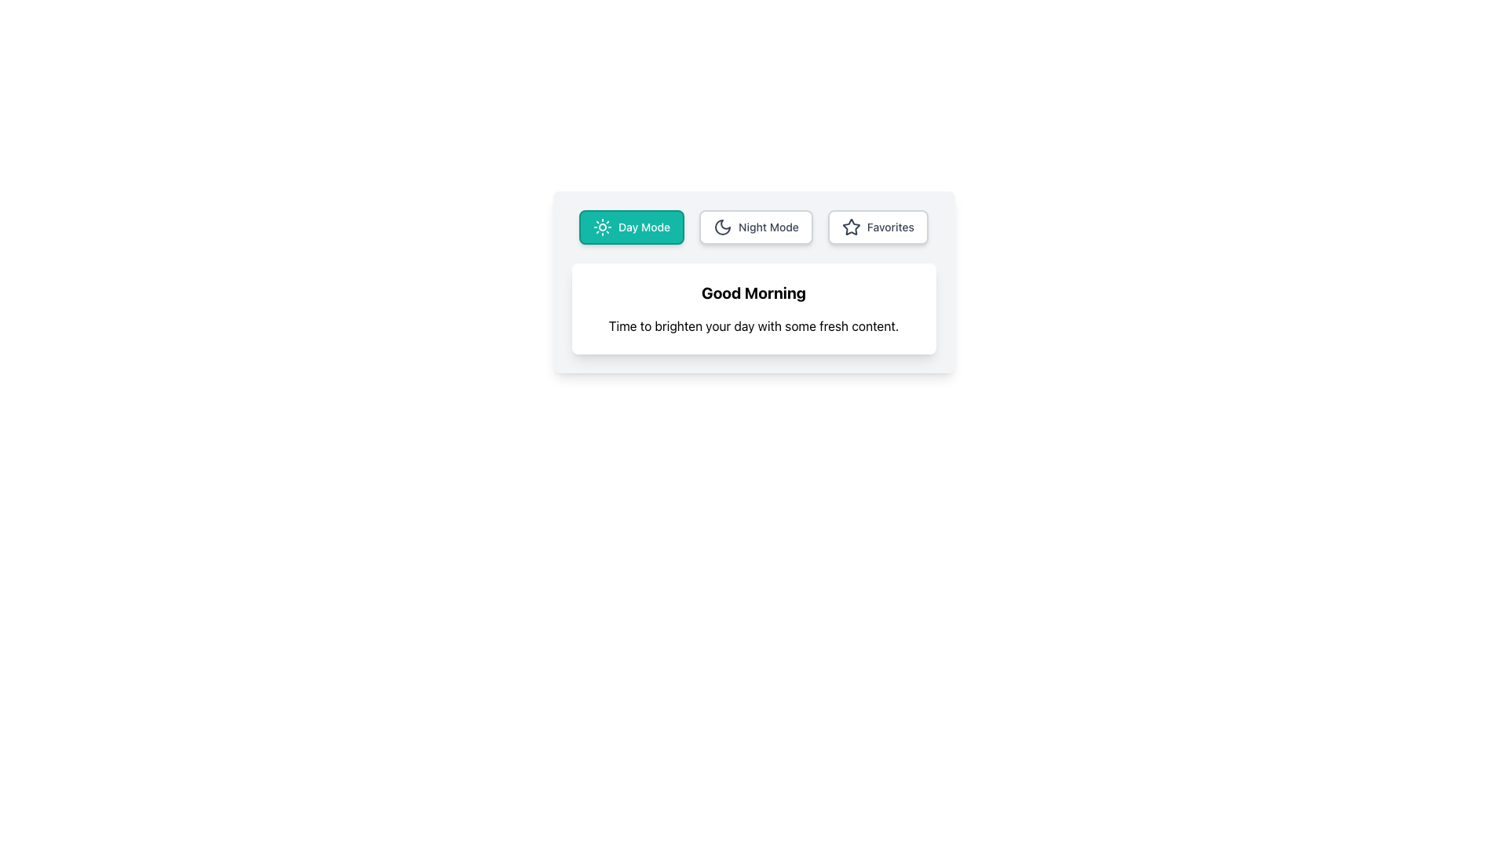 Image resolution: width=1507 pixels, height=847 pixels. I want to click on the crescent moon icon within the Night Mode button located at the top section of the interface, so click(722, 227).